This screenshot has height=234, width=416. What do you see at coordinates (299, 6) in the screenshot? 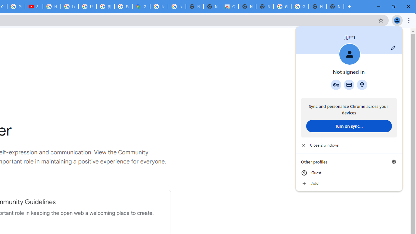
I see `'Google Images'` at bounding box center [299, 6].